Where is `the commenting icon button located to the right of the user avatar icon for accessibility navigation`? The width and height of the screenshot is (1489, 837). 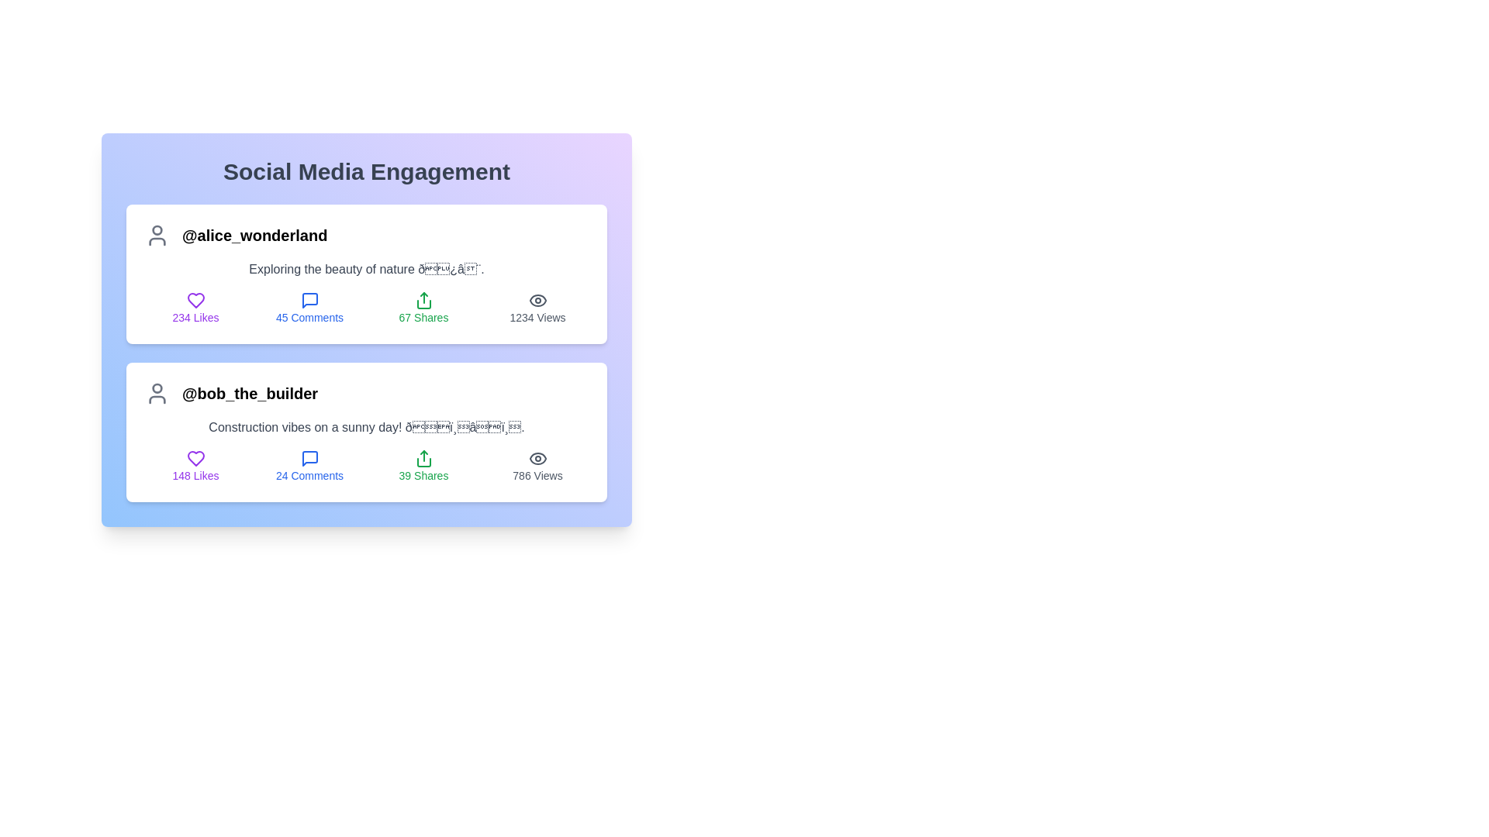
the commenting icon button located to the right of the user avatar icon for accessibility navigation is located at coordinates (309, 301).